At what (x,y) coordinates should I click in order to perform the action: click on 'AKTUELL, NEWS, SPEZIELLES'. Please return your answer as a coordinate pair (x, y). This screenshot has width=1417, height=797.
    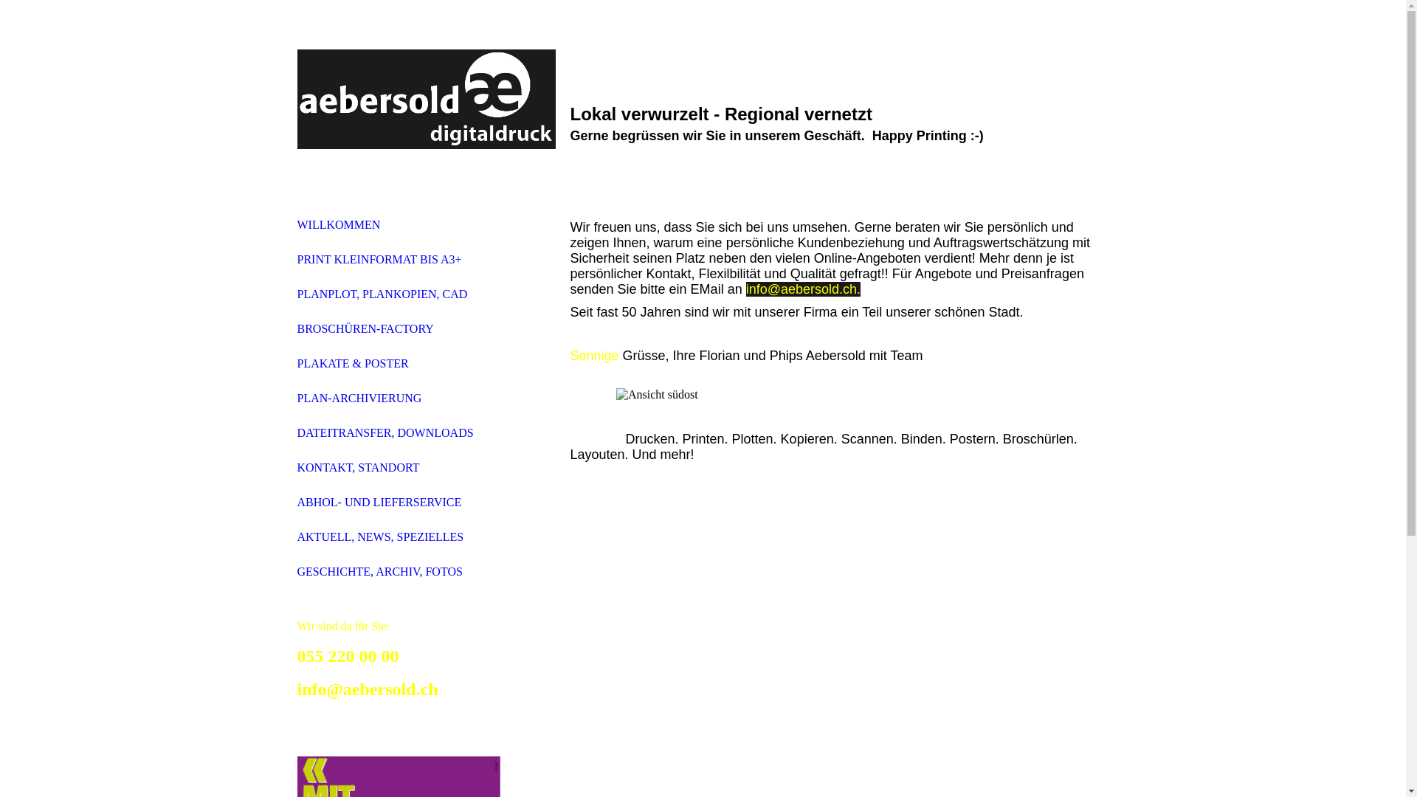
    Looking at the image, I should click on (379, 536).